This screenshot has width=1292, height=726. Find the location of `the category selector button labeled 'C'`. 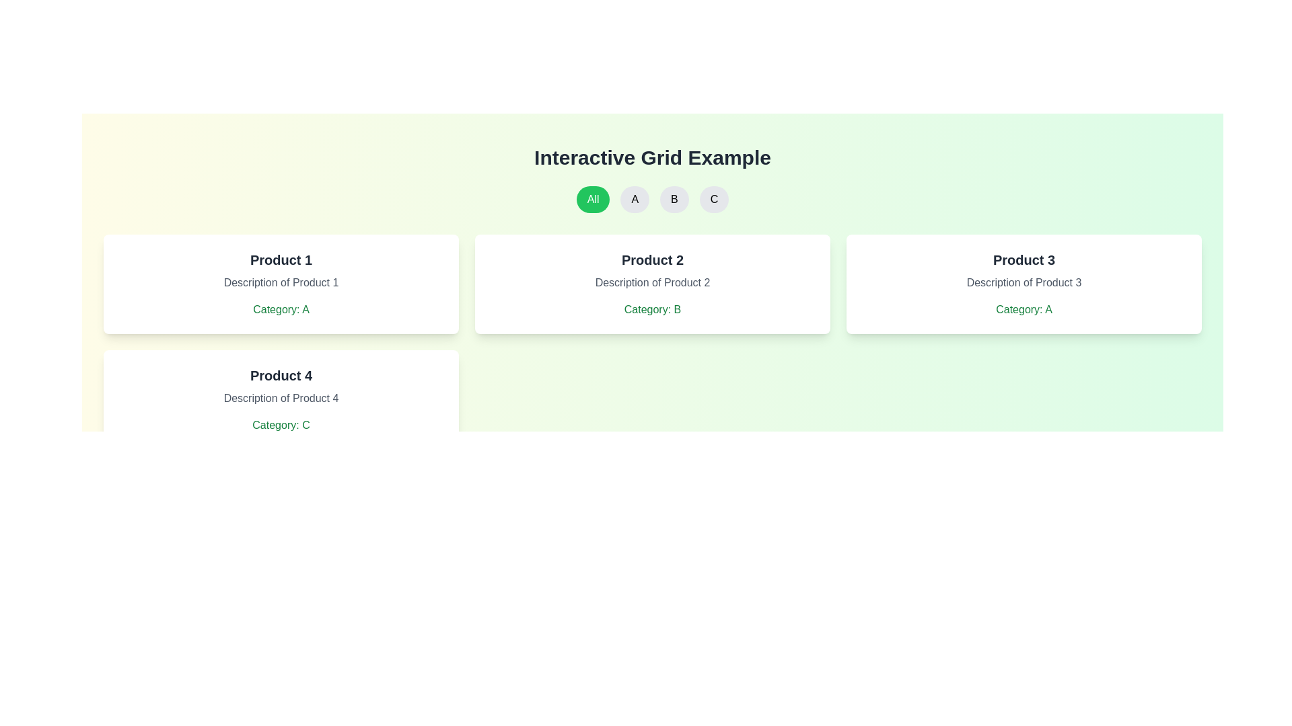

the category selector button labeled 'C' is located at coordinates (713, 200).